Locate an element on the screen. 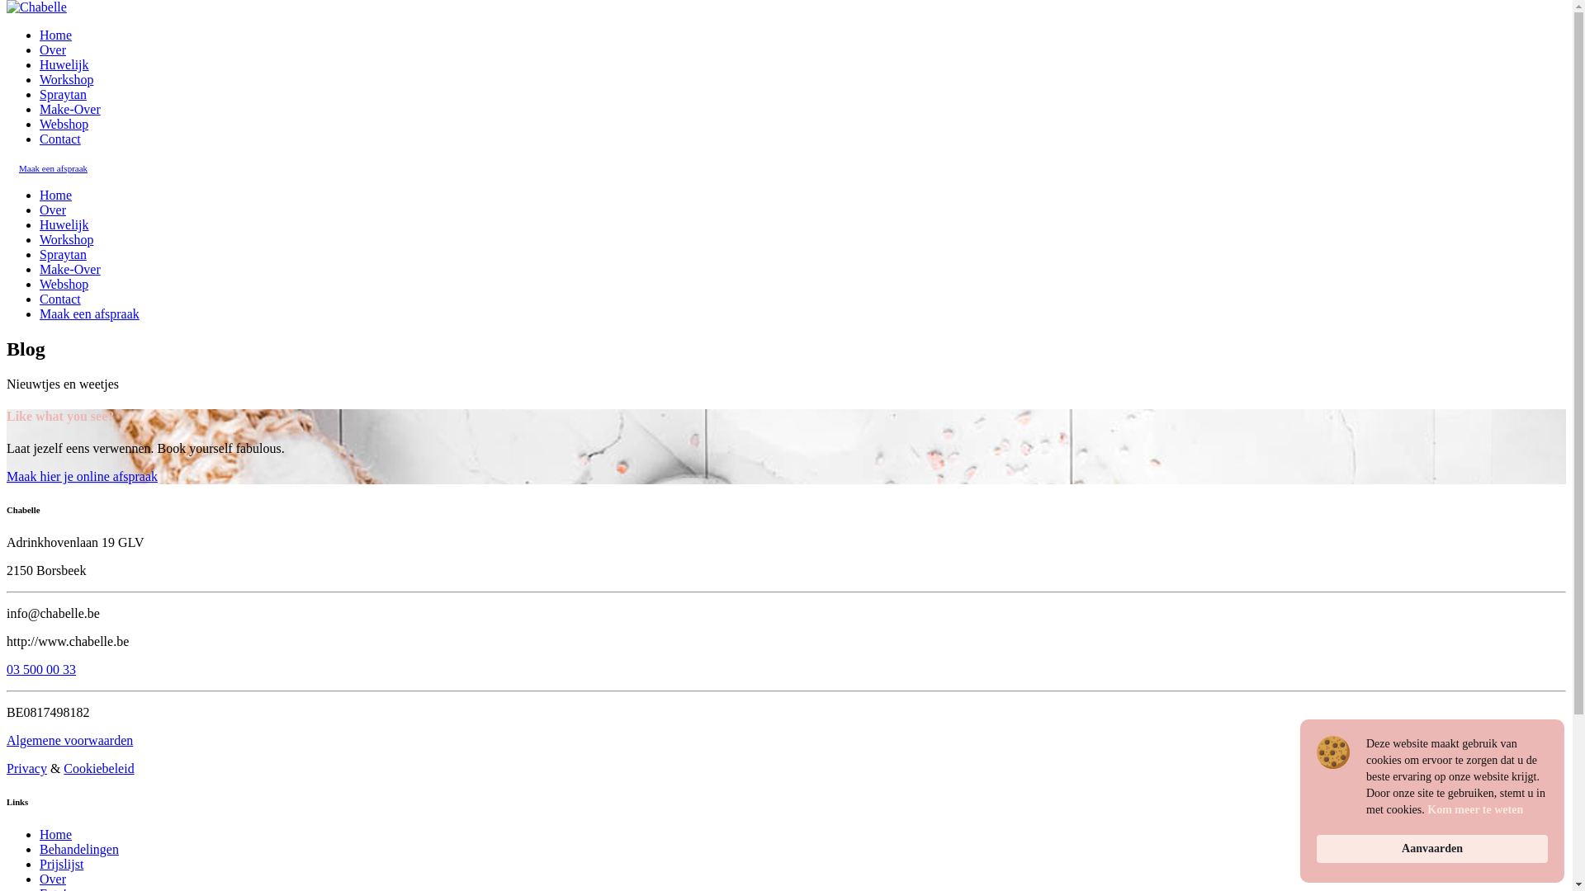 This screenshot has width=1585, height=891. 'Contact' is located at coordinates (59, 299).